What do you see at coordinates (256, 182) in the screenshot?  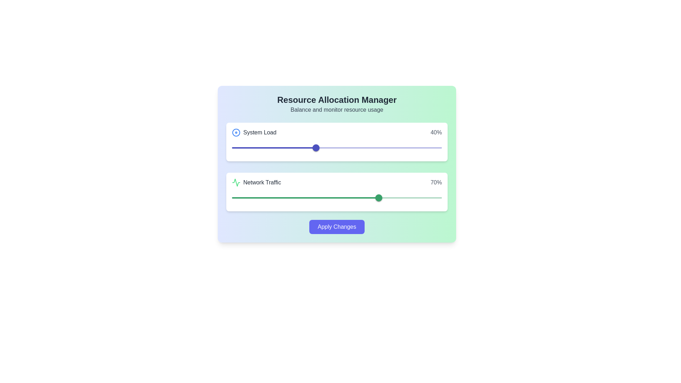 I see `the 'Network Traffic' label with the green line graph icon, located in the second section of the interface, just below the 'System Load' section` at bounding box center [256, 182].